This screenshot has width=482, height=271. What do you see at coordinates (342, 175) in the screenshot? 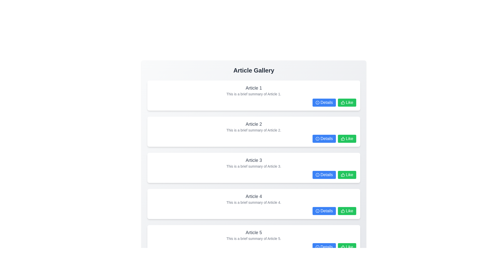
I see `the thumbs-up icon within the 'Like' button located in the rightmost area of the third card from the top` at bounding box center [342, 175].